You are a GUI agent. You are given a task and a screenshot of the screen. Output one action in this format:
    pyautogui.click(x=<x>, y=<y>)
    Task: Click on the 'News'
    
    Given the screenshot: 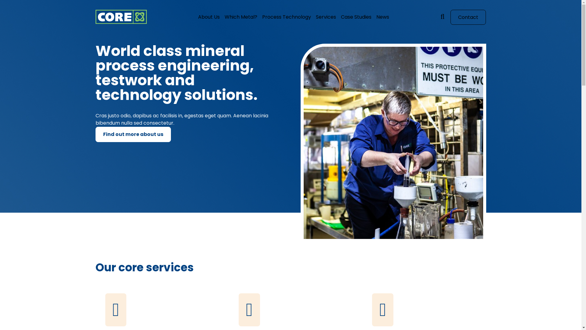 What is the action you would take?
    pyautogui.click(x=376, y=16)
    